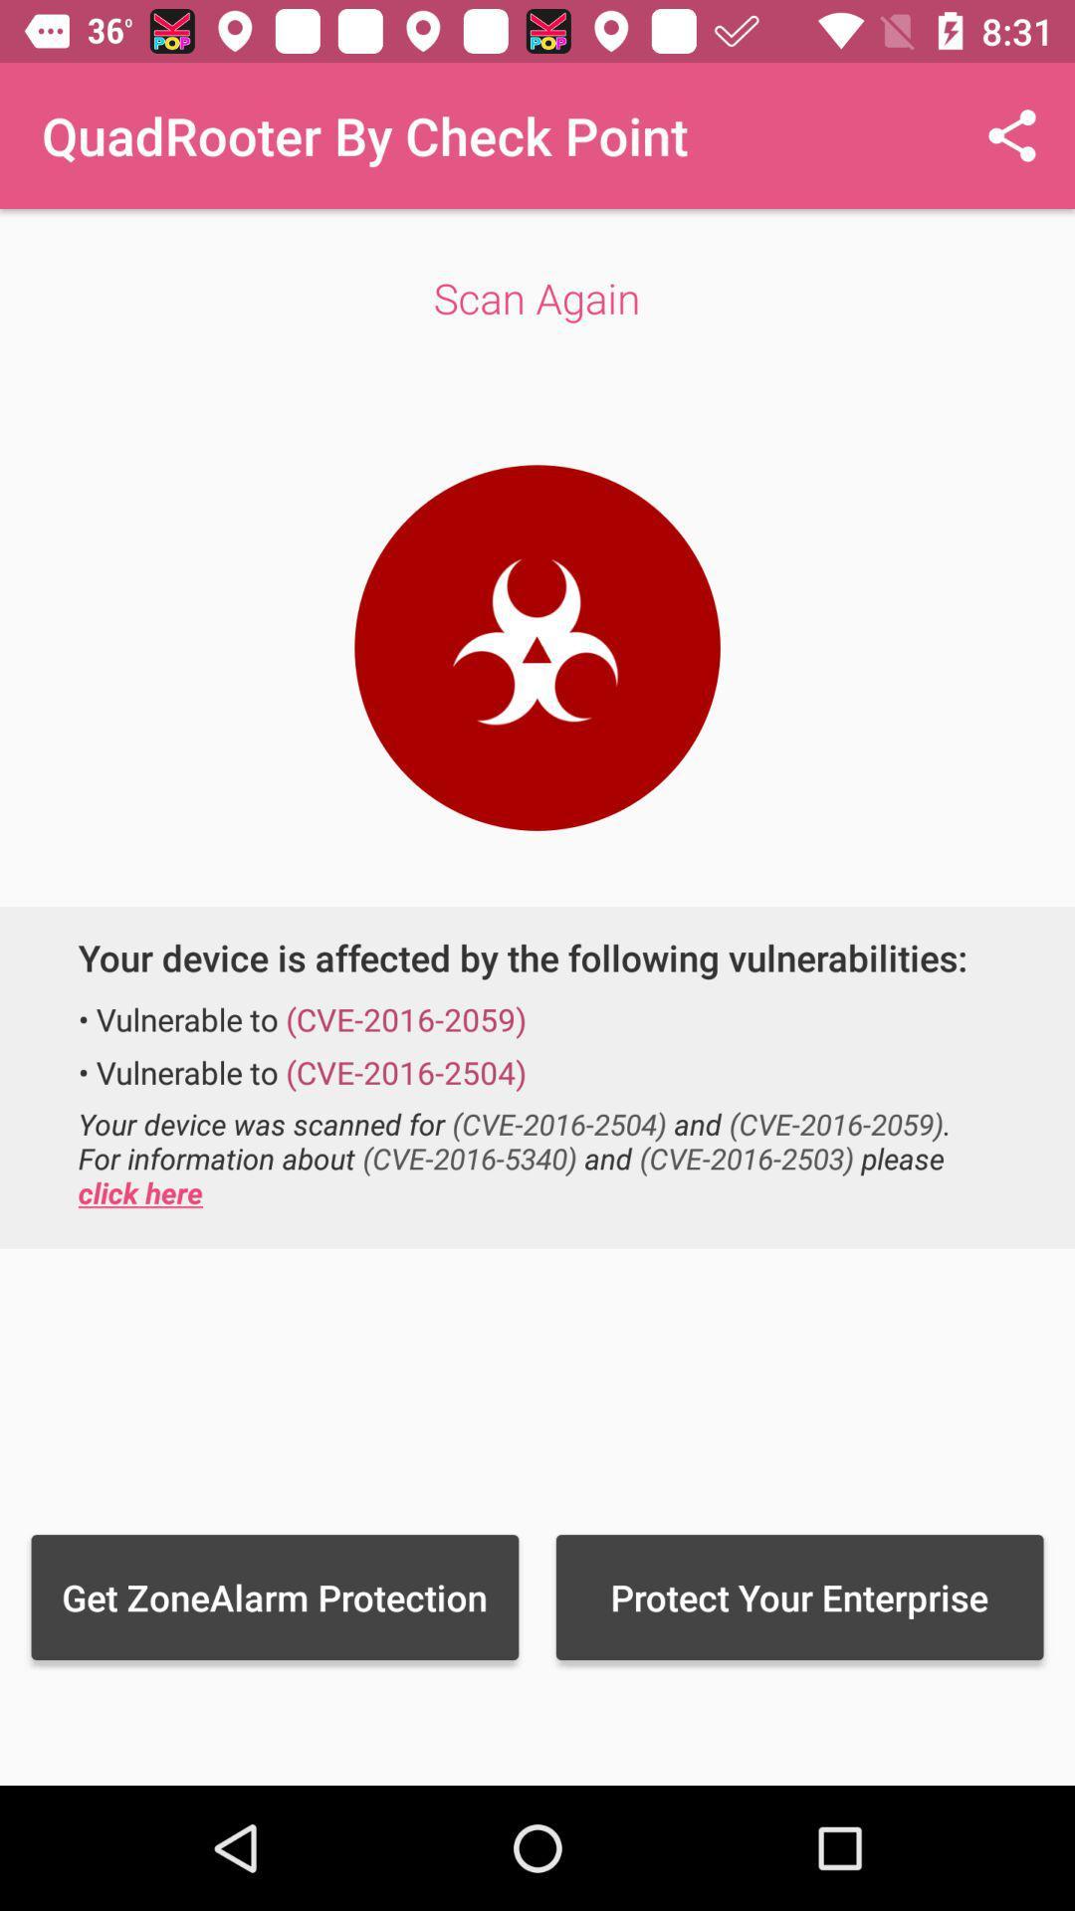  I want to click on the scan again item, so click(536, 297).